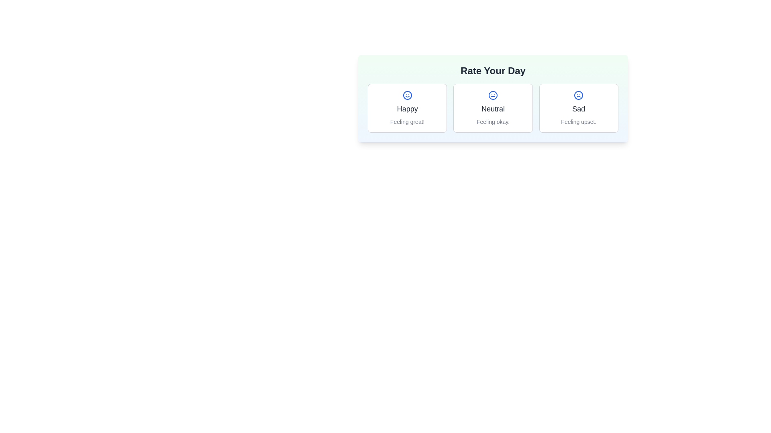 The width and height of the screenshot is (771, 433). What do you see at coordinates (407, 95) in the screenshot?
I see `the blue smiley face emoji icon located in the leftmost card labeled 'Happy', which is positioned above the text 'Feeling great!' in the rating interface` at bounding box center [407, 95].